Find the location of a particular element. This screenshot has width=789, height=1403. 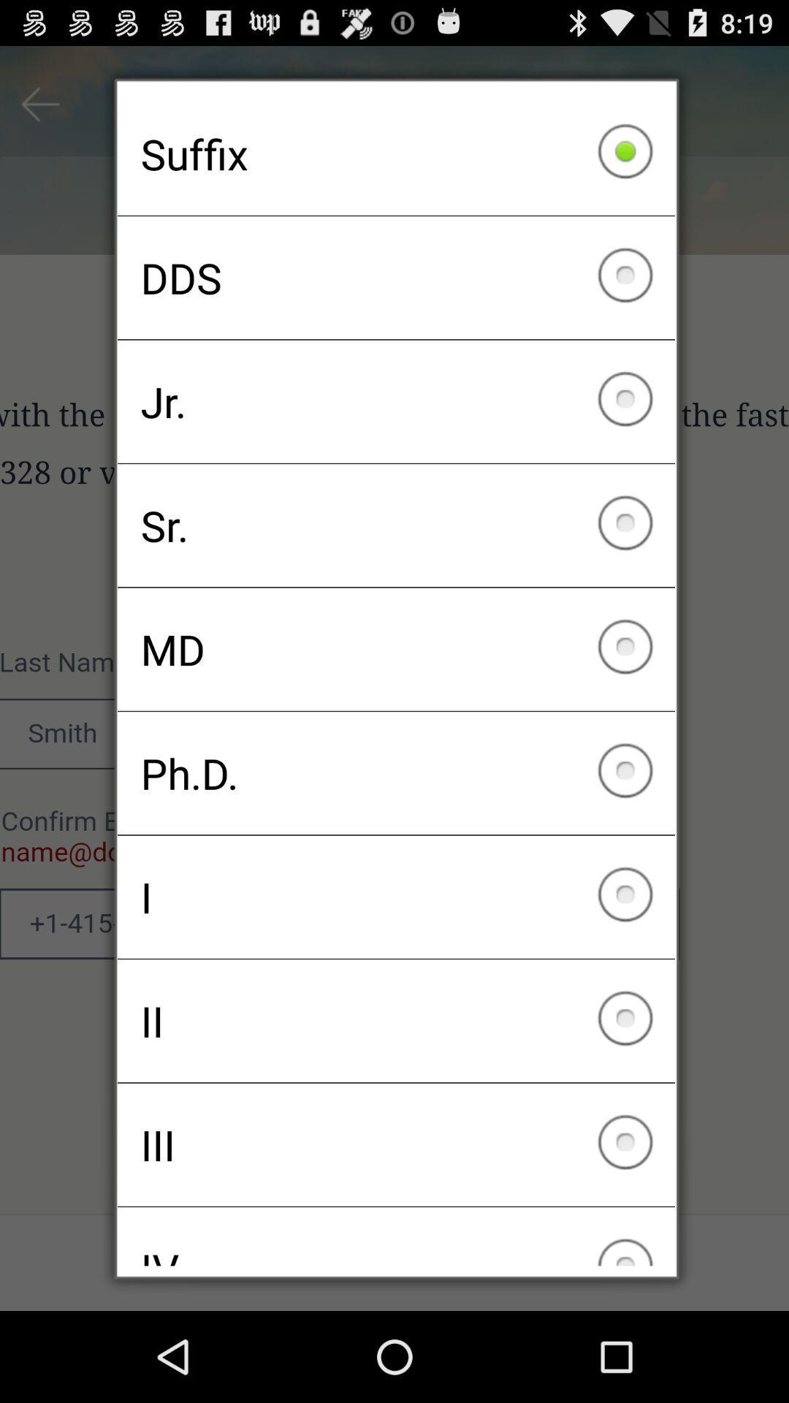

dds checkbox is located at coordinates (396, 278).